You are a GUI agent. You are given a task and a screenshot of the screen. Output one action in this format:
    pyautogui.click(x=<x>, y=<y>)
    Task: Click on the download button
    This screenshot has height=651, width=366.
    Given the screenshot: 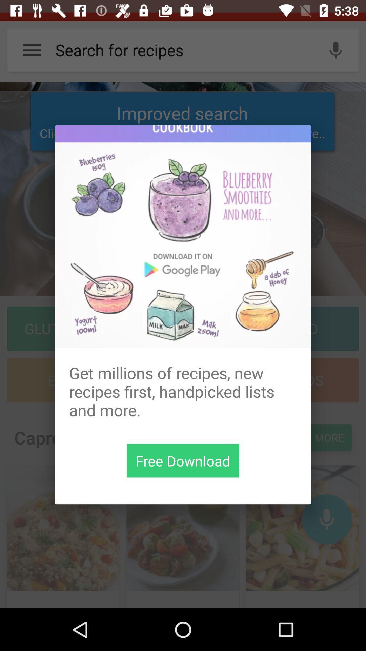 What is the action you would take?
    pyautogui.click(x=183, y=460)
    